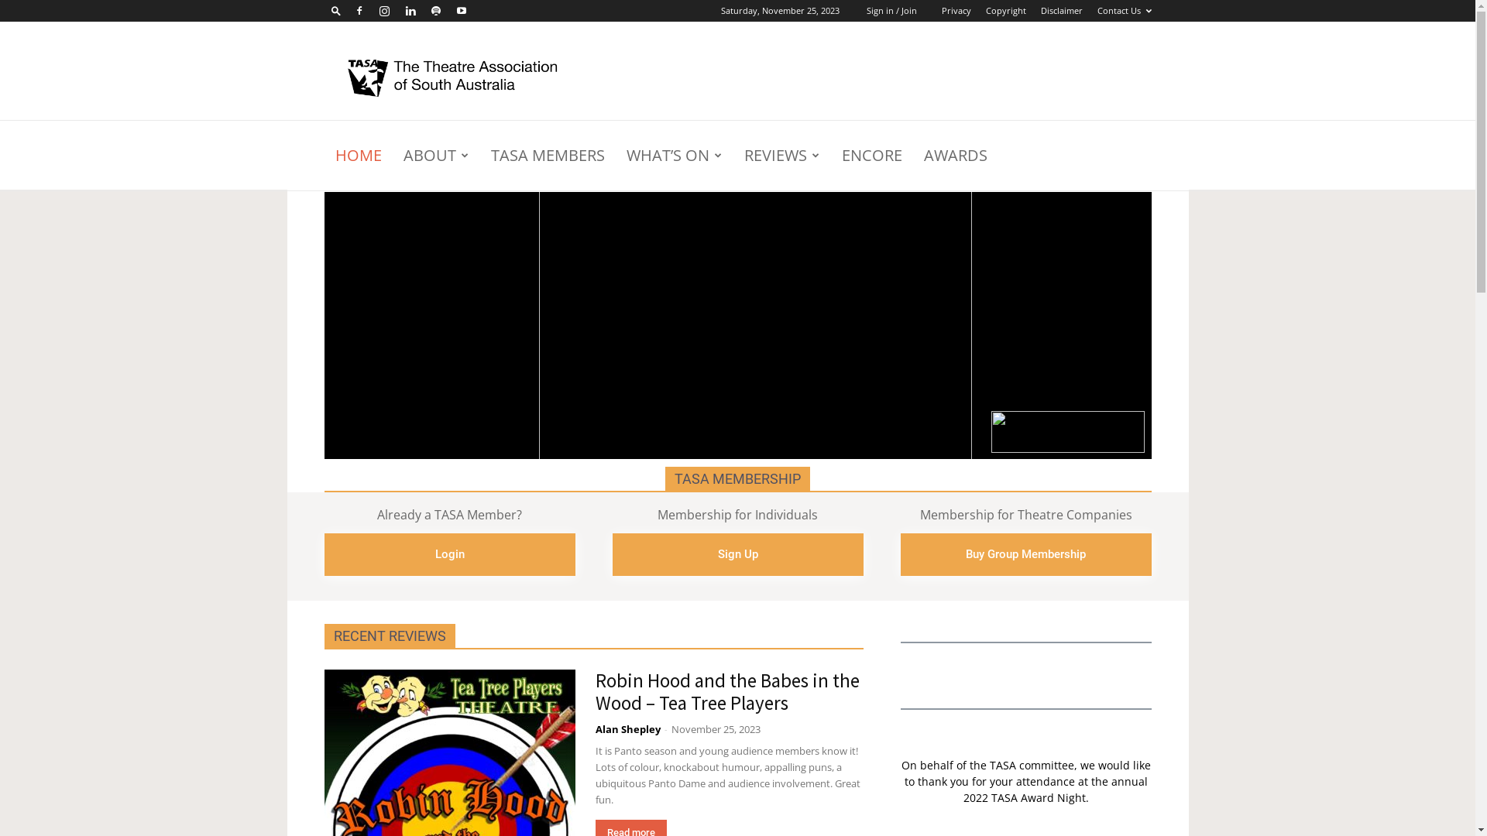 This screenshot has width=1487, height=836. What do you see at coordinates (627, 728) in the screenshot?
I see `'Alan Shepley'` at bounding box center [627, 728].